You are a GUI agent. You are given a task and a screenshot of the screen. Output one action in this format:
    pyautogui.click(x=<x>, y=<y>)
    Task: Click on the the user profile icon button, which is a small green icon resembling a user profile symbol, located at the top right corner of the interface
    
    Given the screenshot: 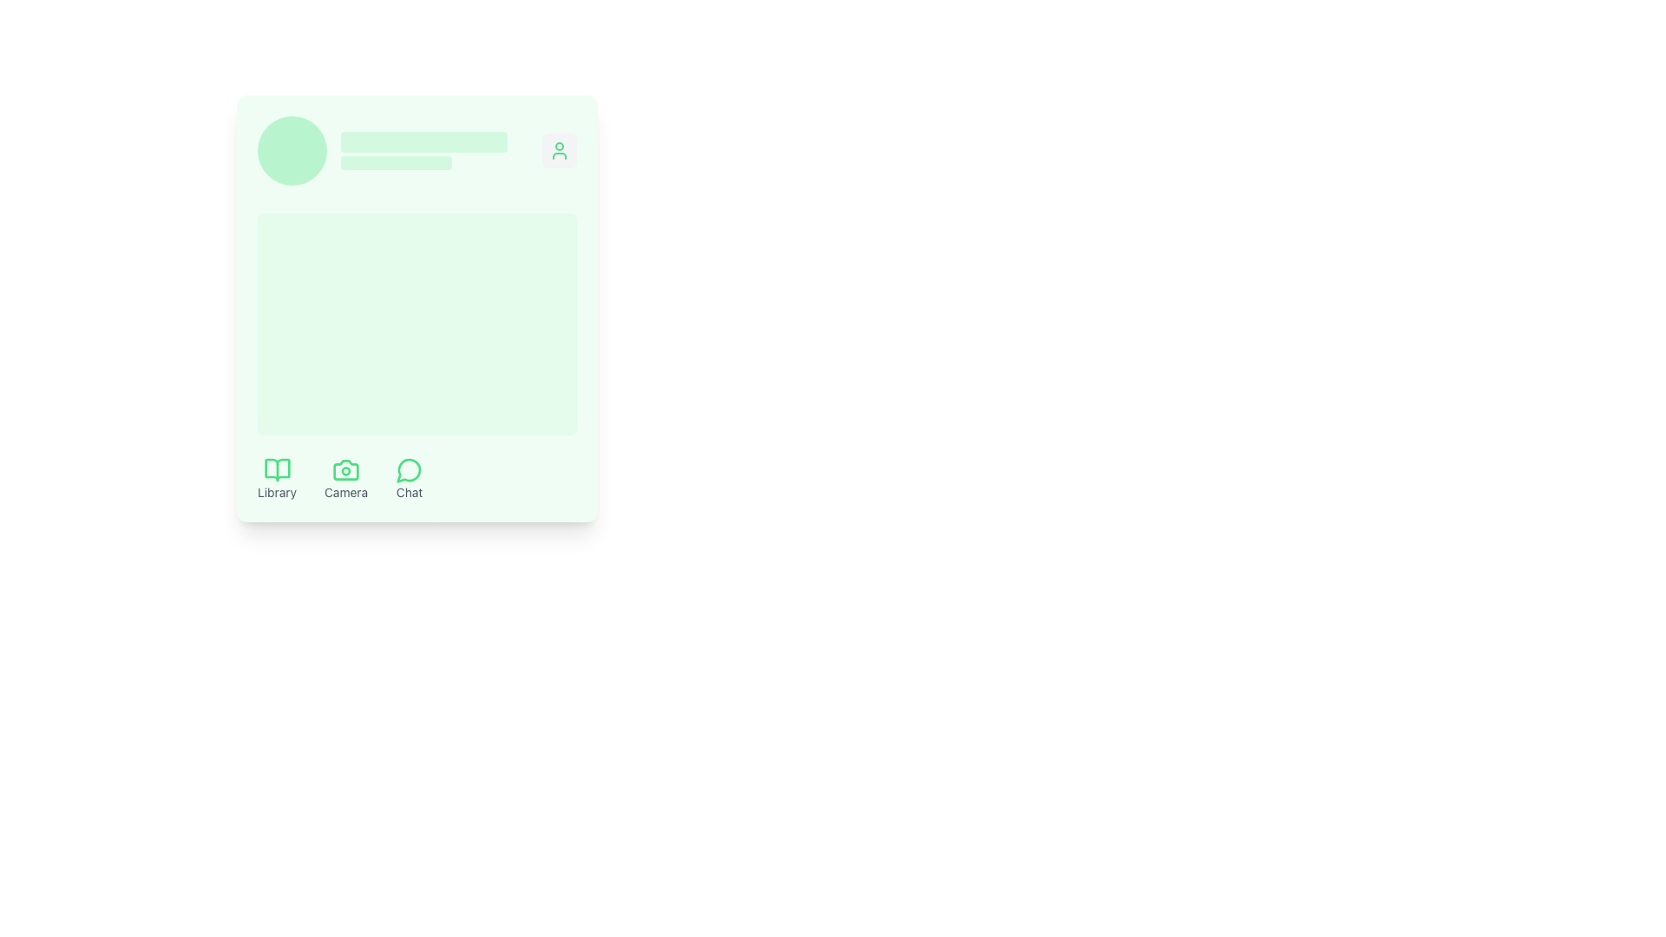 What is the action you would take?
    pyautogui.click(x=559, y=149)
    